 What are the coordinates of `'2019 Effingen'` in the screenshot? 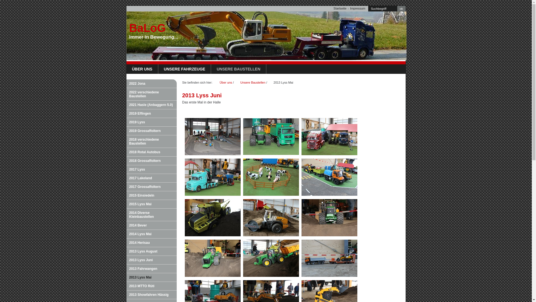 It's located at (151, 113).